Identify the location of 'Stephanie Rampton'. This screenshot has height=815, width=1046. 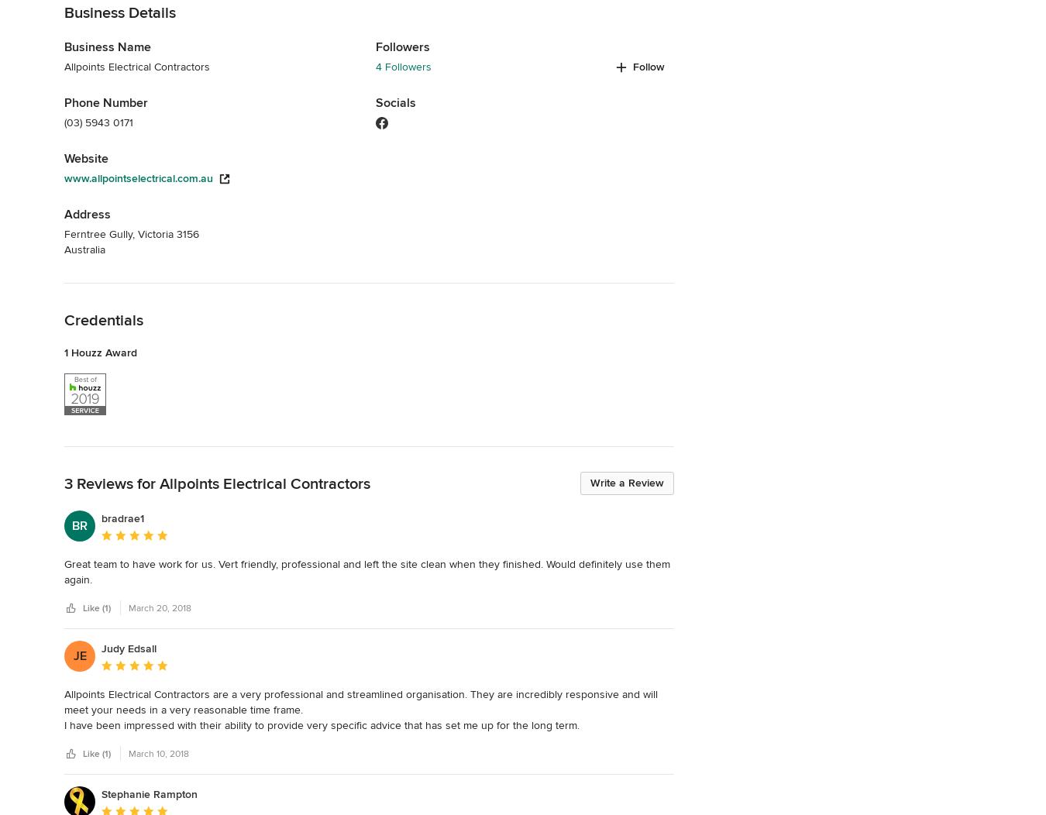
(150, 793).